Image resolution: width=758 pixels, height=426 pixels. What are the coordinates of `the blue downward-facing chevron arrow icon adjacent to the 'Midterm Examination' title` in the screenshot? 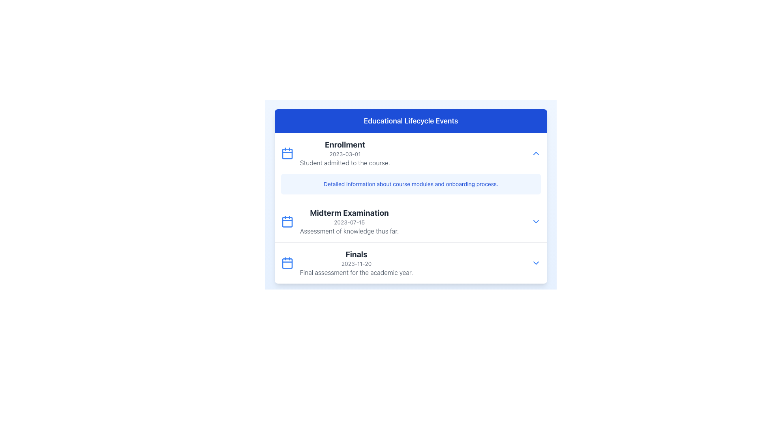 It's located at (536, 222).